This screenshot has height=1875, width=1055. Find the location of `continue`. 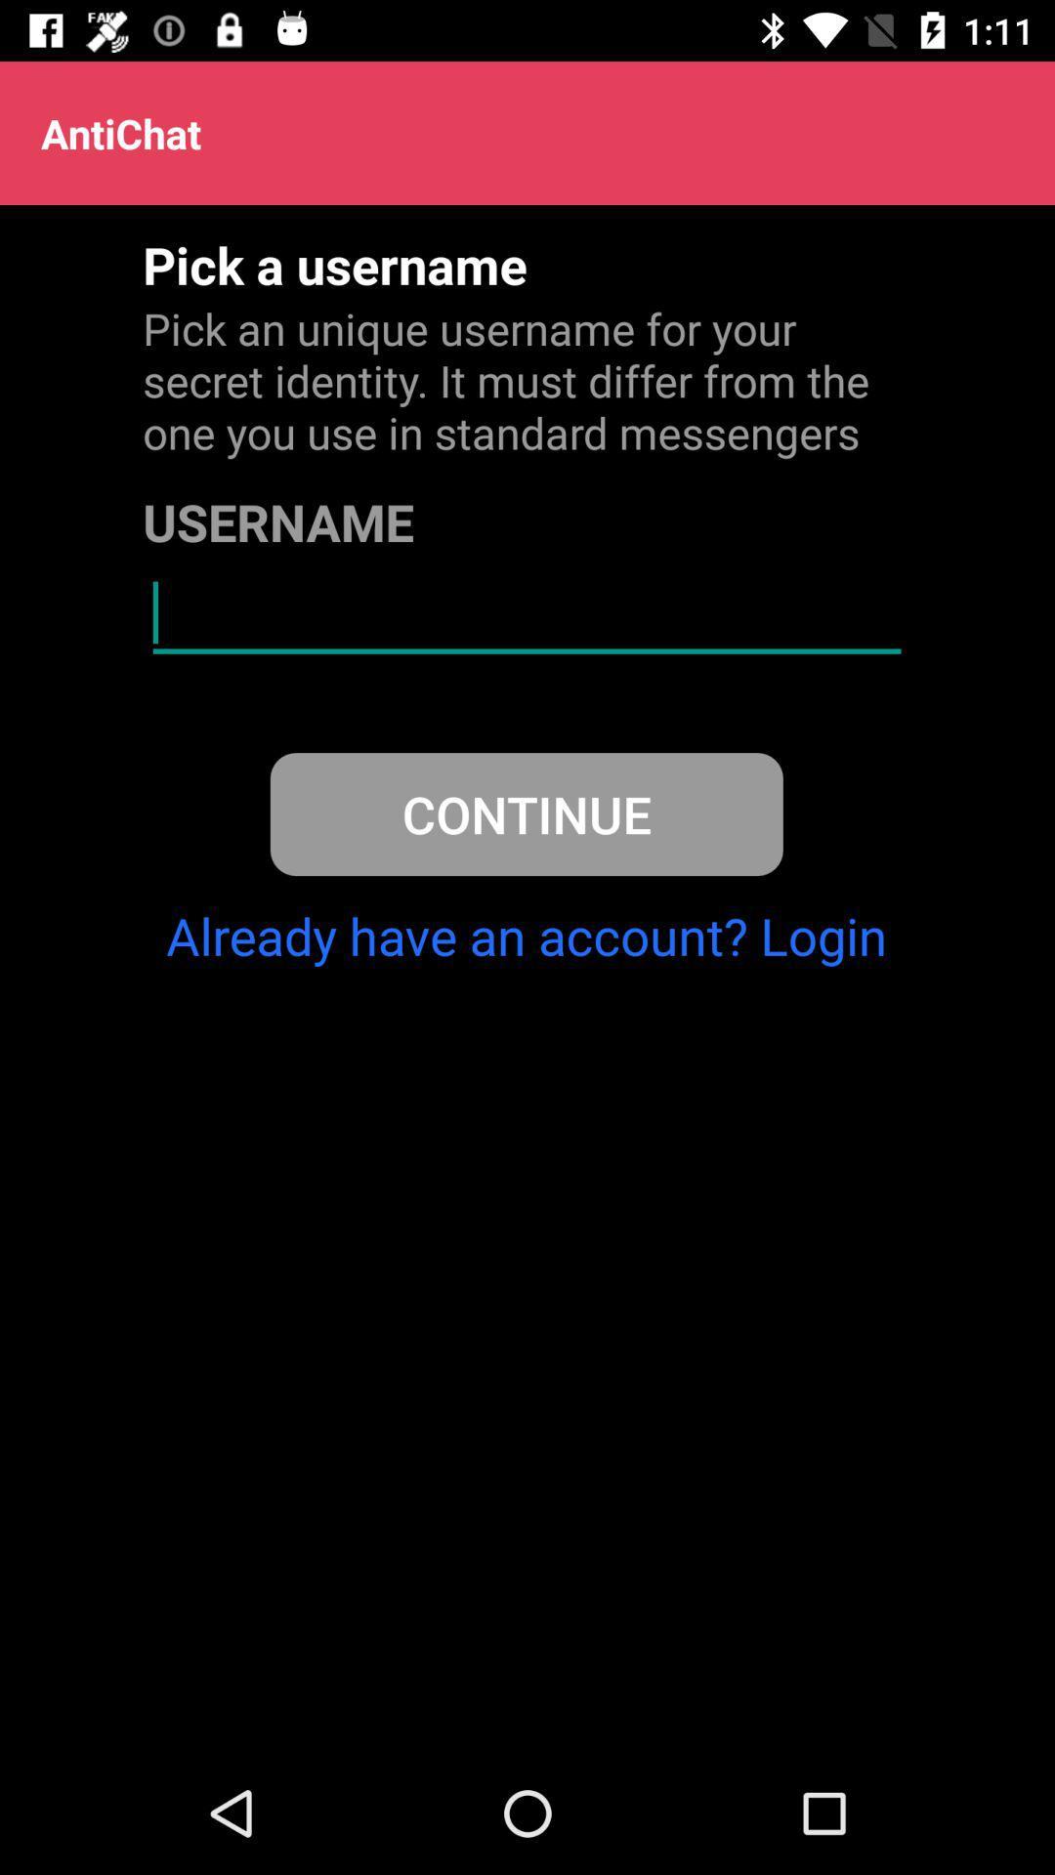

continue is located at coordinates (526, 814).